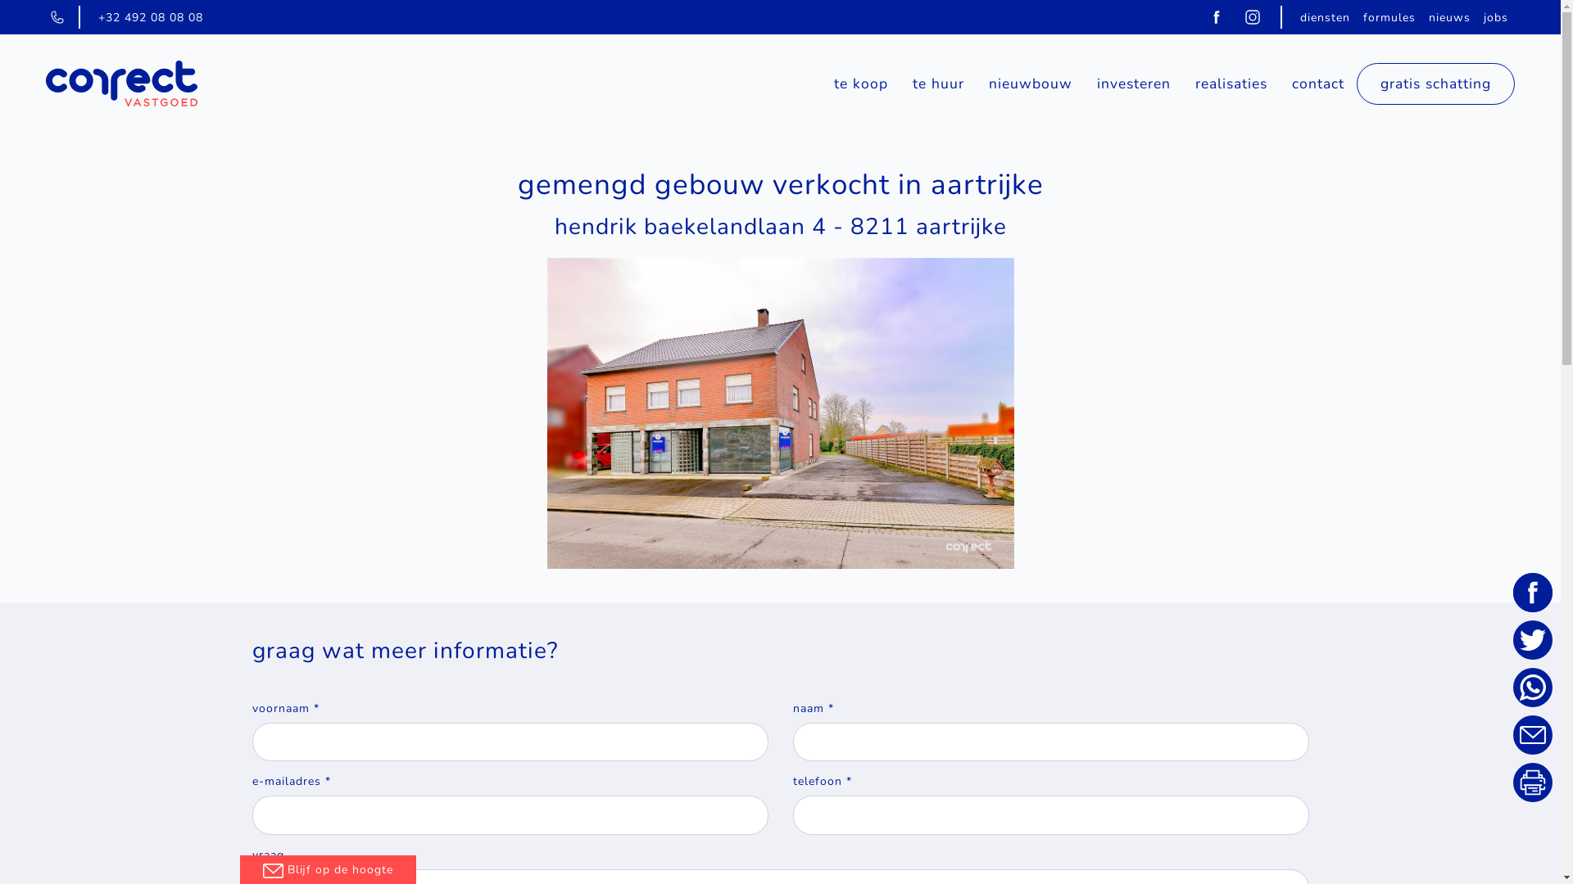 The image size is (1573, 884). What do you see at coordinates (1532, 639) in the screenshot?
I see `'Delen op Twitter'` at bounding box center [1532, 639].